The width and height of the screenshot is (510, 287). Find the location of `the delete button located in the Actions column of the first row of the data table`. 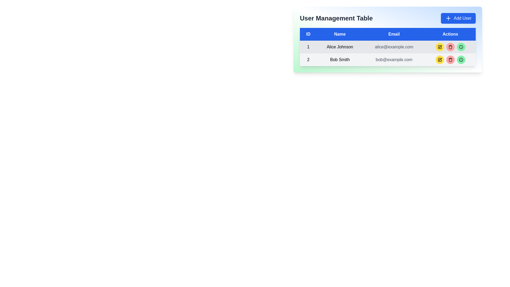

the delete button located in the Actions column of the first row of the data table is located at coordinates (450, 47).